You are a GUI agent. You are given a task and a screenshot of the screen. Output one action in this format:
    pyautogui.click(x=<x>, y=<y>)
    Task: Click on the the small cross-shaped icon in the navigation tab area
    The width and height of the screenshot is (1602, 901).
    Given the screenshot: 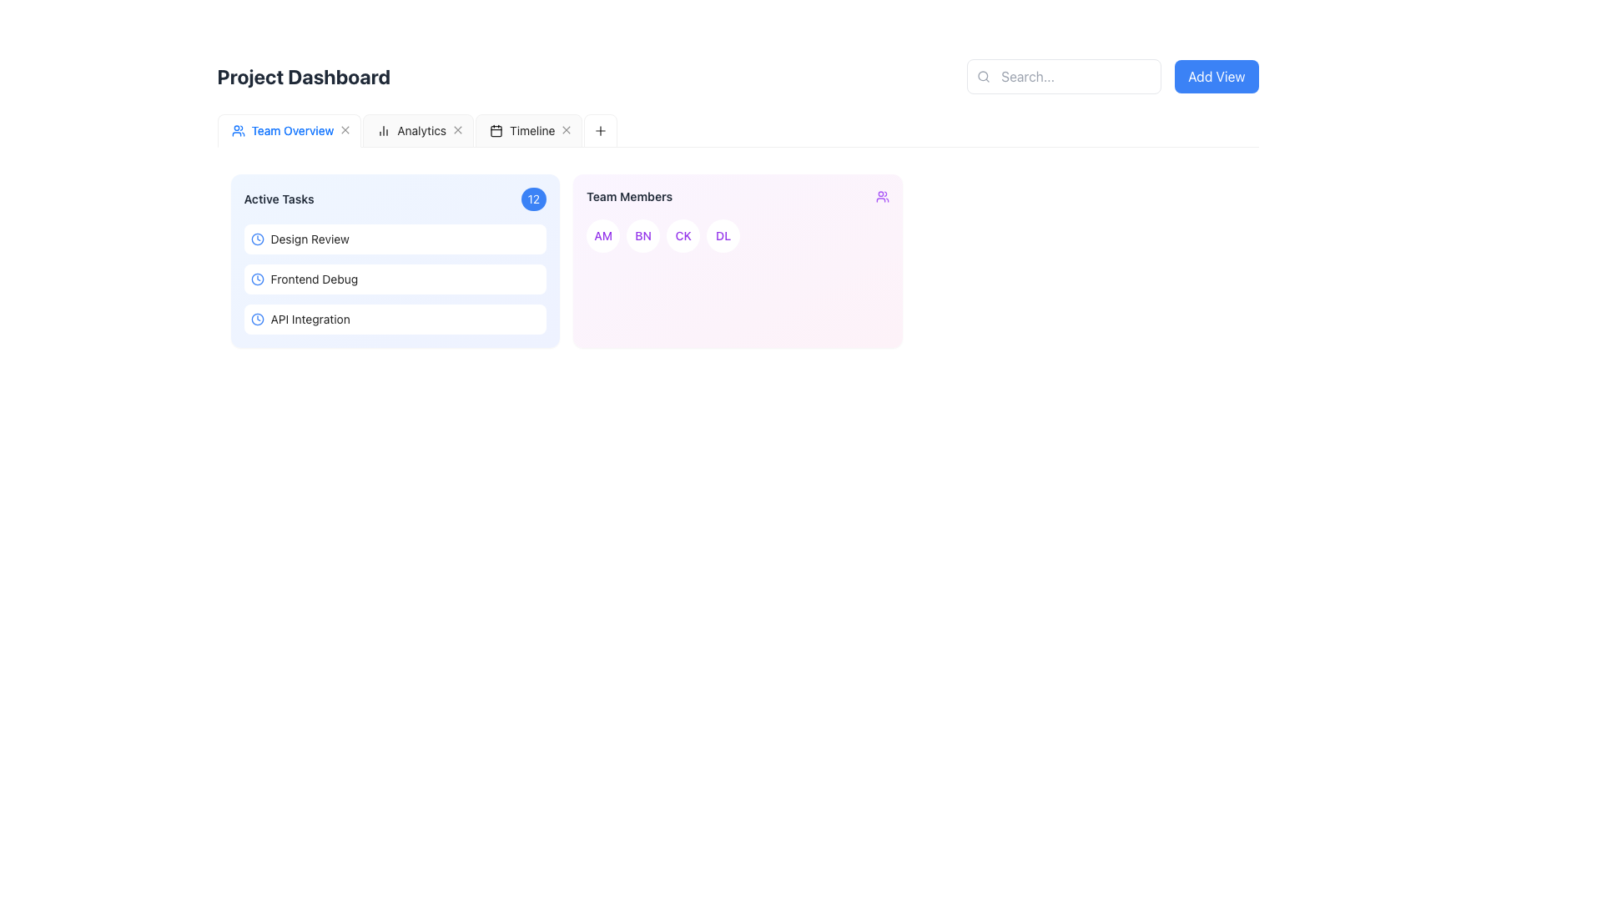 What is the action you would take?
    pyautogui.click(x=458, y=129)
    